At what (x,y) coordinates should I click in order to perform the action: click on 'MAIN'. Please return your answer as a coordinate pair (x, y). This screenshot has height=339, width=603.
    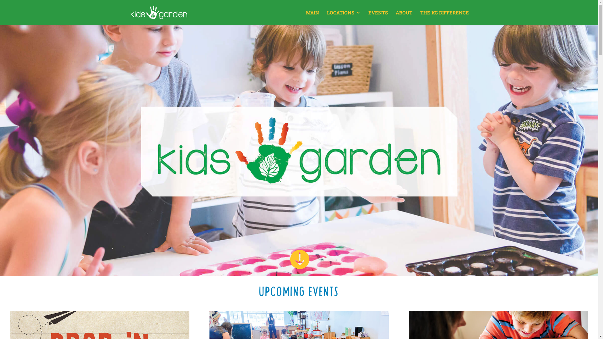
    Looking at the image, I should click on (312, 17).